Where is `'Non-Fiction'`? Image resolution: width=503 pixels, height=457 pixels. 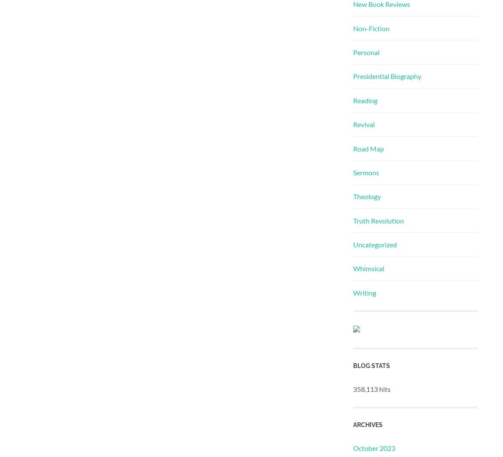 'Non-Fiction' is located at coordinates (371, 27).